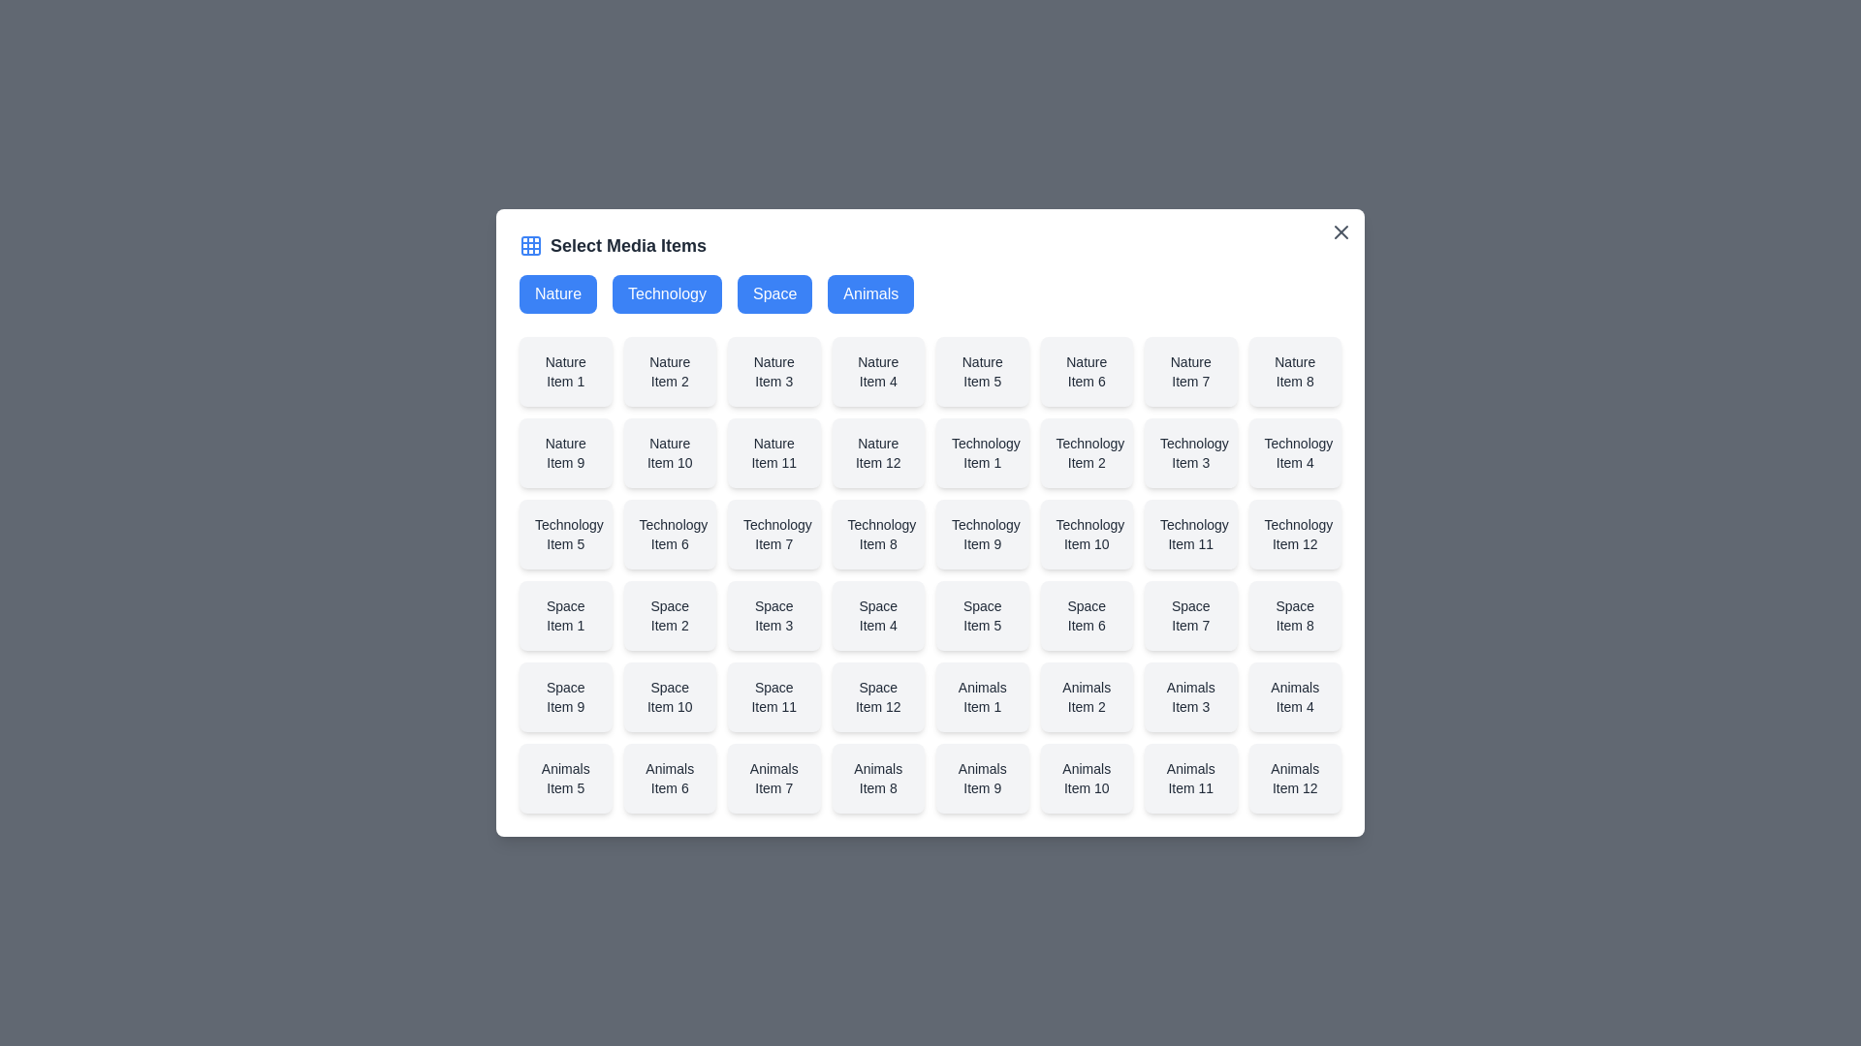 Image resolution: width=1861 pixels, height=1046 pixels. What do you see at coordinates (666, 294) in the screenshot?
I see `the Technology button to select the desired category` at bounding box center [666, 294].